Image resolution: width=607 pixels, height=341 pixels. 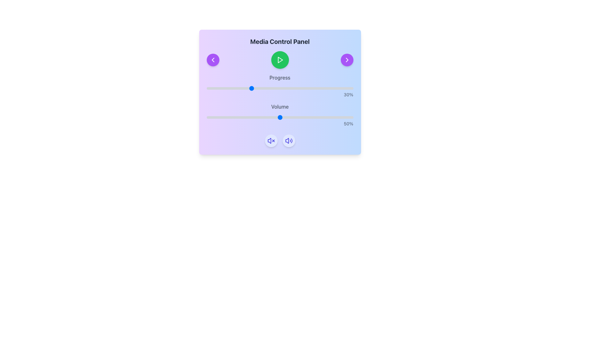 What do you see at coordinates (280, 60) in the screenshot?
I see `the triangular play icon located in the center of a green circular button` at bounding box center [280, 60].